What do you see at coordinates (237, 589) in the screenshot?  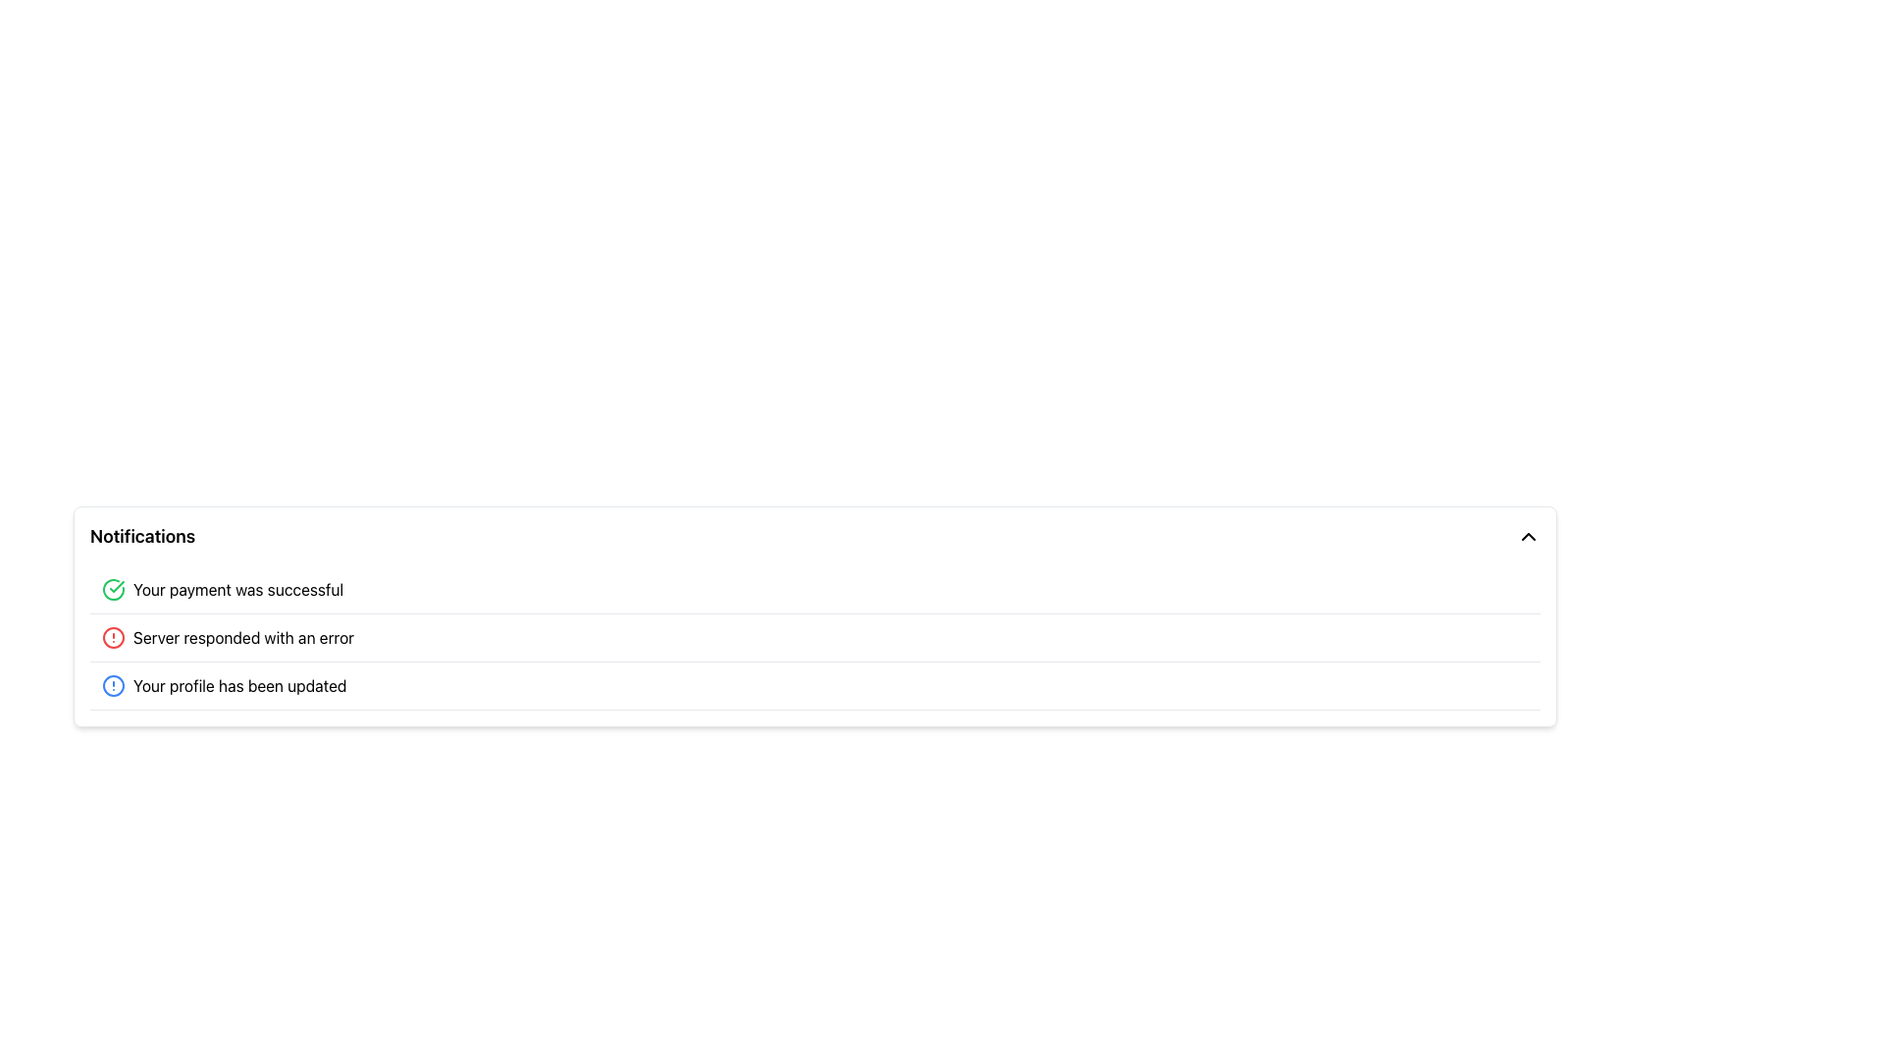 I see `the non-interactive text label that indicates a successful payment transaction, located at the top-center of the panel, rightmost in its row` at bounding box center [237, 589].